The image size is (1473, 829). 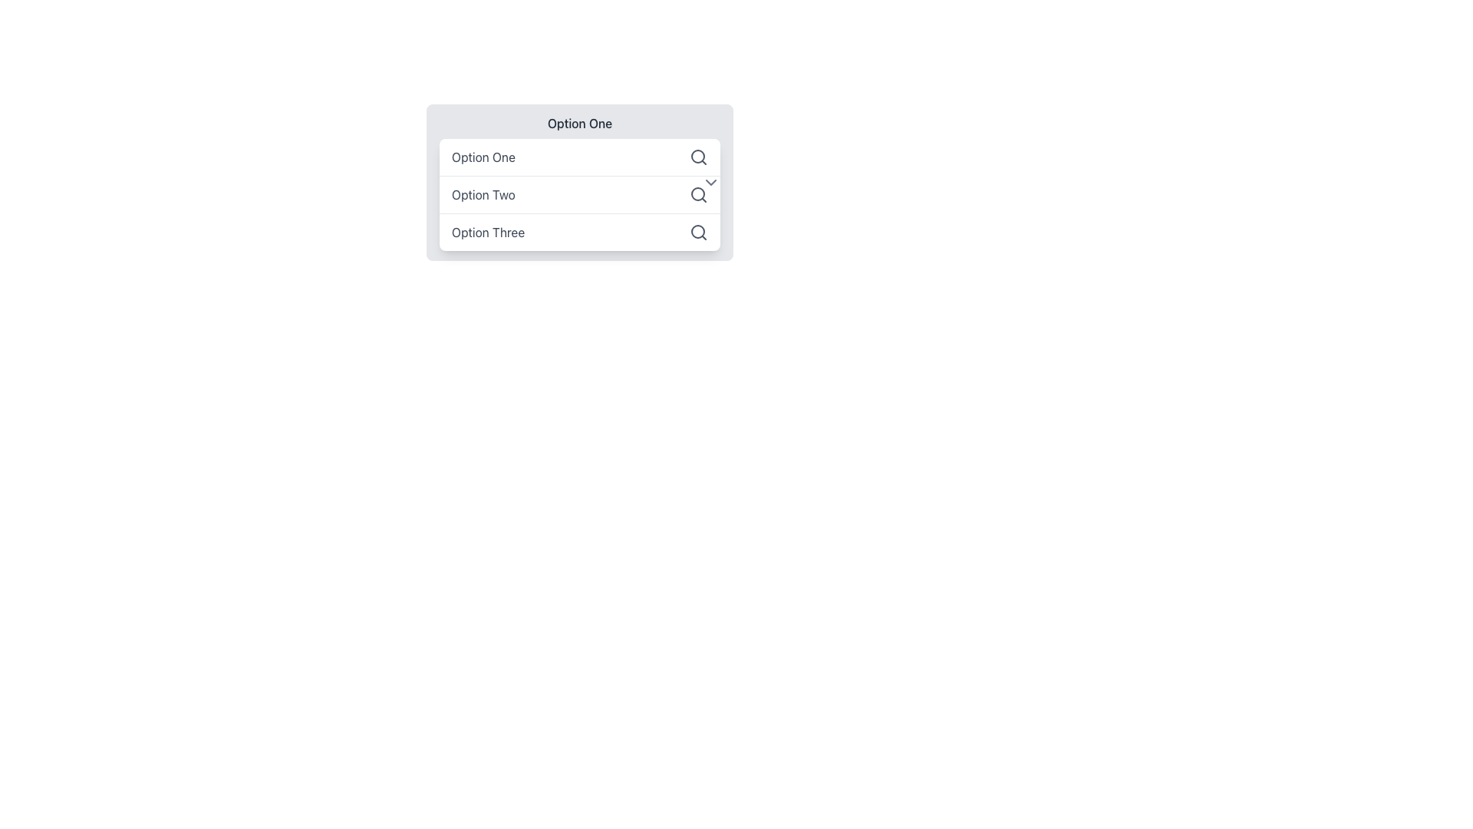 What do you see at coordinates (578, 193) in the screenshot?
I see `the 'Option Two' menu item in the dropdown list` at bounding box center [578, 193].